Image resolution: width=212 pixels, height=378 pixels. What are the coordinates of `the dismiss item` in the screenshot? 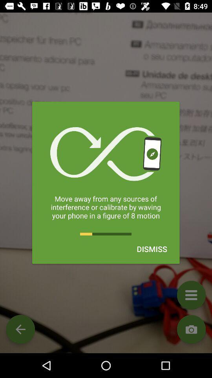 It's located at (152, 248).